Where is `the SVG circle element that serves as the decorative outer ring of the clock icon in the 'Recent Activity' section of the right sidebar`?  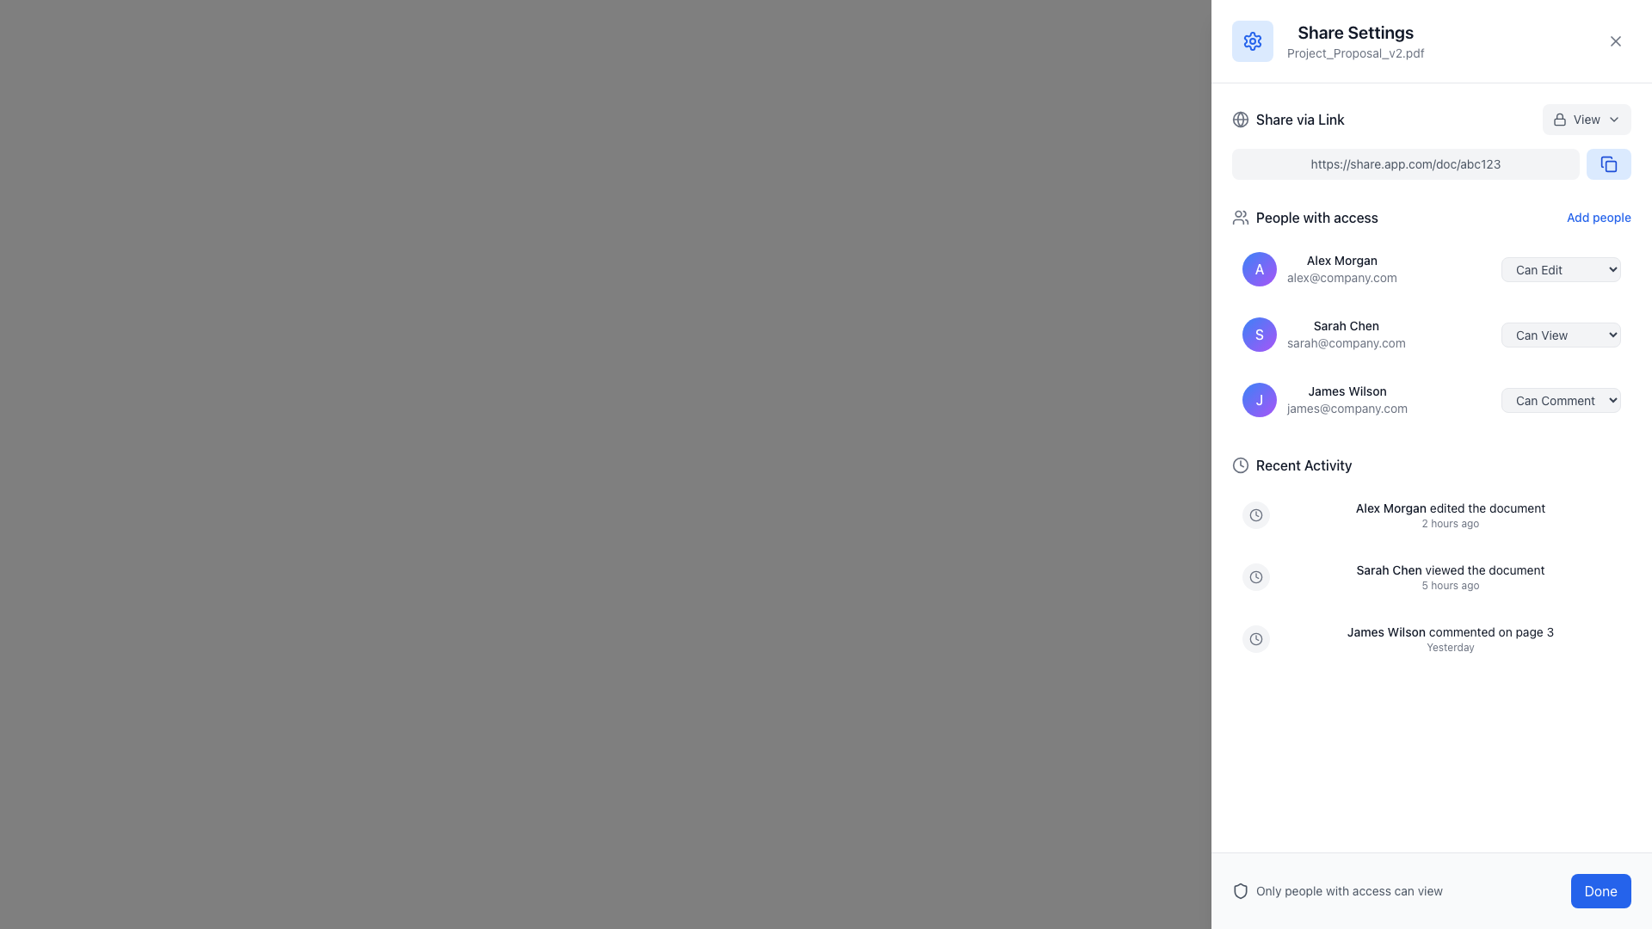 the SVG circle element that serves as the decorative outer ring of the clock icon in the 'Recent Activity' section of the right sidebar is located at coordinates (1255, 514).